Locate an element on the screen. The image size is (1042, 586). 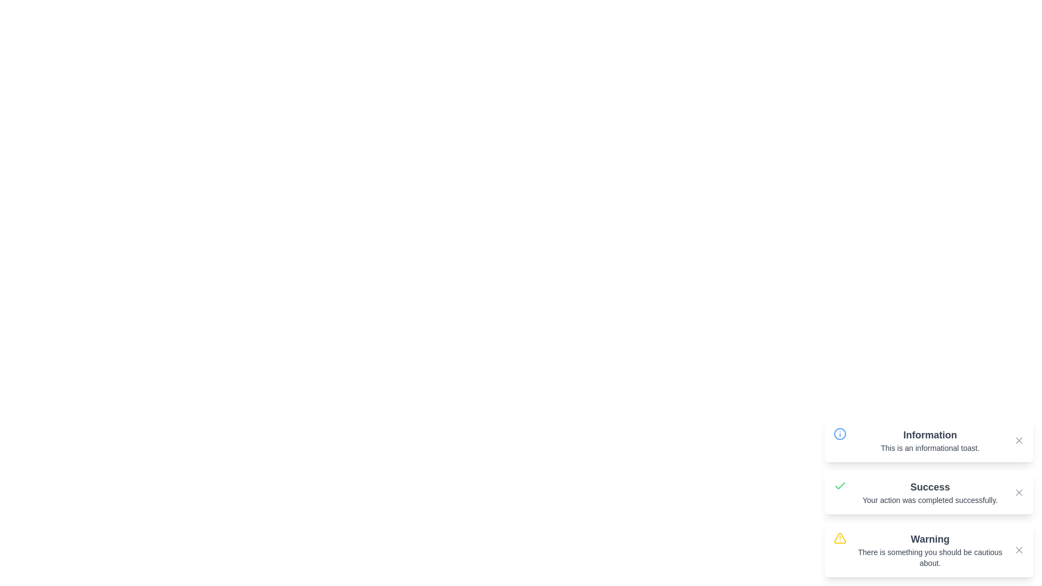
text content of the warning message that starts with a bold heading 'Warning' and includes a description below it, located to the right of the caution icon is located at coordinates (929, 550).